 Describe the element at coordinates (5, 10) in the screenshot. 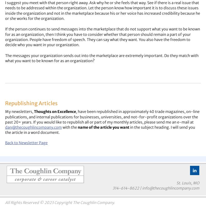

I see `'I suggest you meet with that person right away. Ask why he or she feels that way. See if there is a real issue that needs to be addressed within the organization. Let the person know how important it is to discuss these issues inside the organization and not in the marketplace because his or her voice has increased credibility because he or she works for the organization.'` at that location.